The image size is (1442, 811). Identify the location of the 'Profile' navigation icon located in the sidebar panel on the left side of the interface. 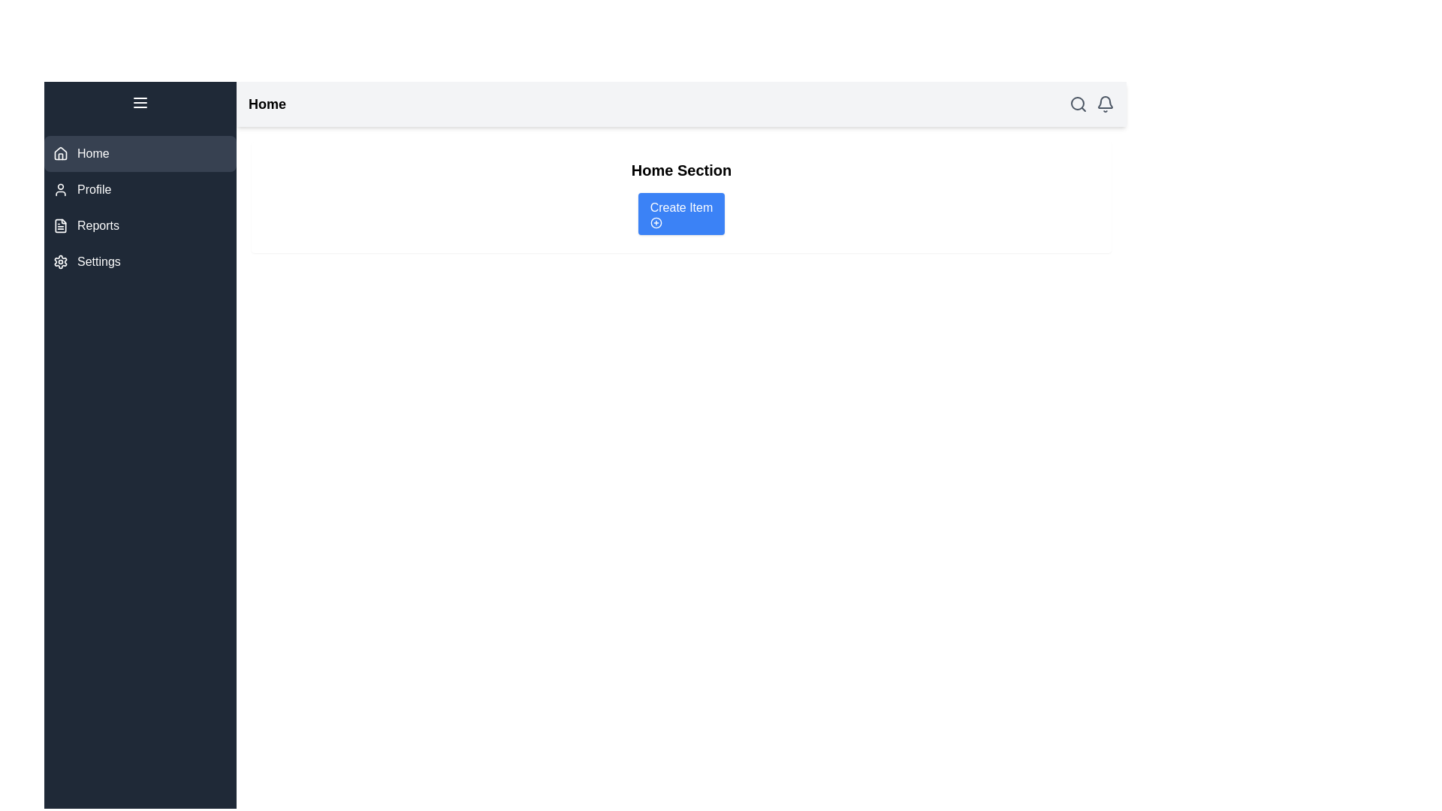
(60, 189).